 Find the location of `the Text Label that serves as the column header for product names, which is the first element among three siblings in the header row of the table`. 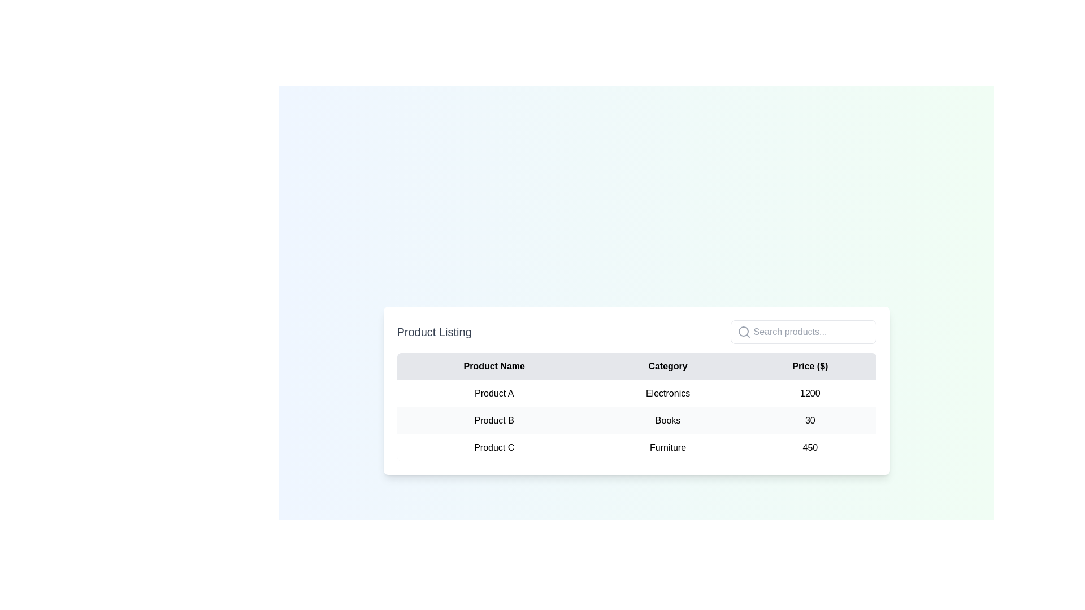

the Text Label that serves as the column header for product names, which is the first element among three siblings in the header row of the table is located at coordinates (494, 366).